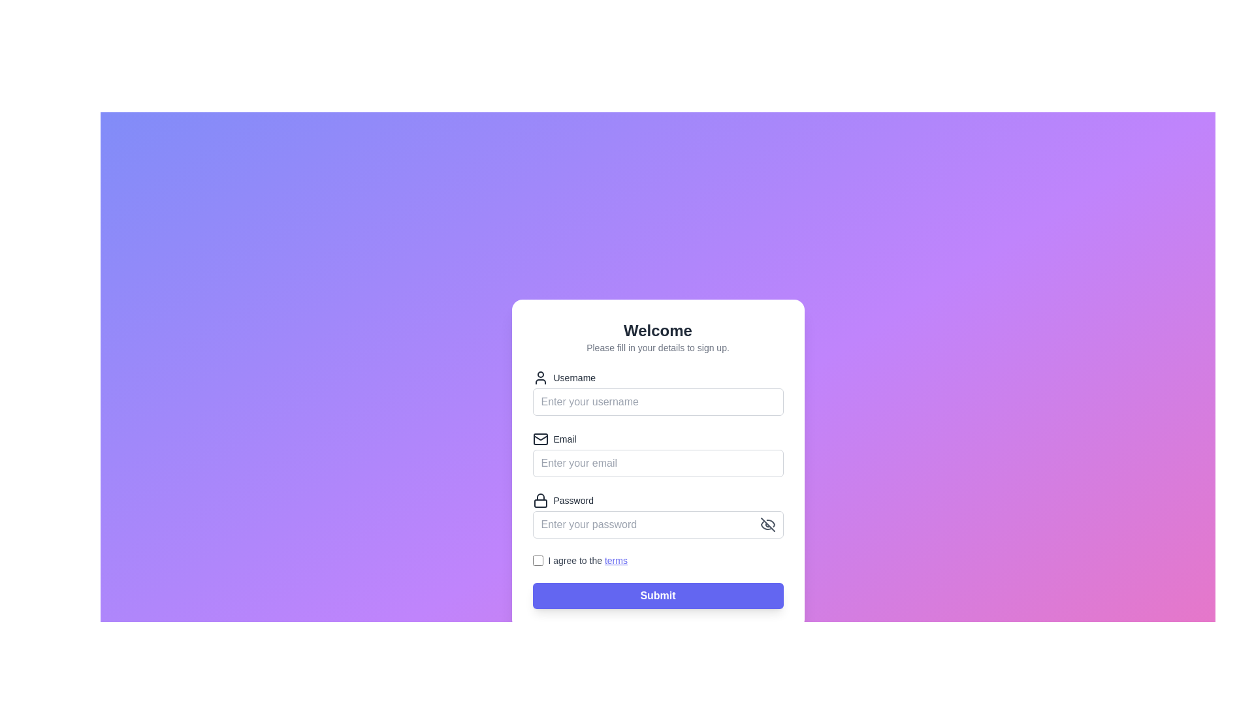 The height and width of the screenshot is (705, 1254). I want to click on the envelope icon that is positioned to the left of the 'Email' label in the second row of the form, aligning horizontally with the label text, so click(540, 439).